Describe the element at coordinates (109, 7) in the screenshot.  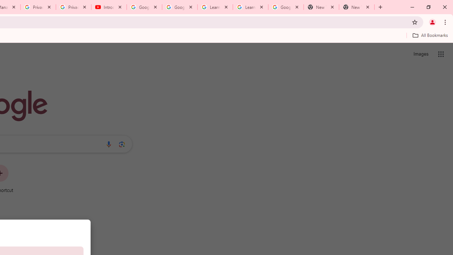
I see `'Introduction | Google Privacy Policy - YouTube'` at that location.